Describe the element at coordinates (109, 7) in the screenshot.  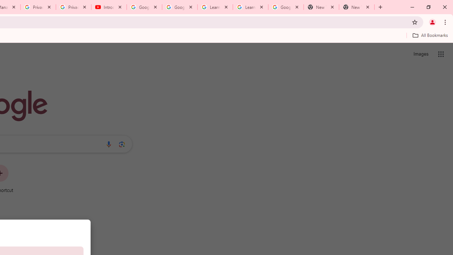
I see `'Introduction | Google Privacy Policy - YouTube'` at that location.